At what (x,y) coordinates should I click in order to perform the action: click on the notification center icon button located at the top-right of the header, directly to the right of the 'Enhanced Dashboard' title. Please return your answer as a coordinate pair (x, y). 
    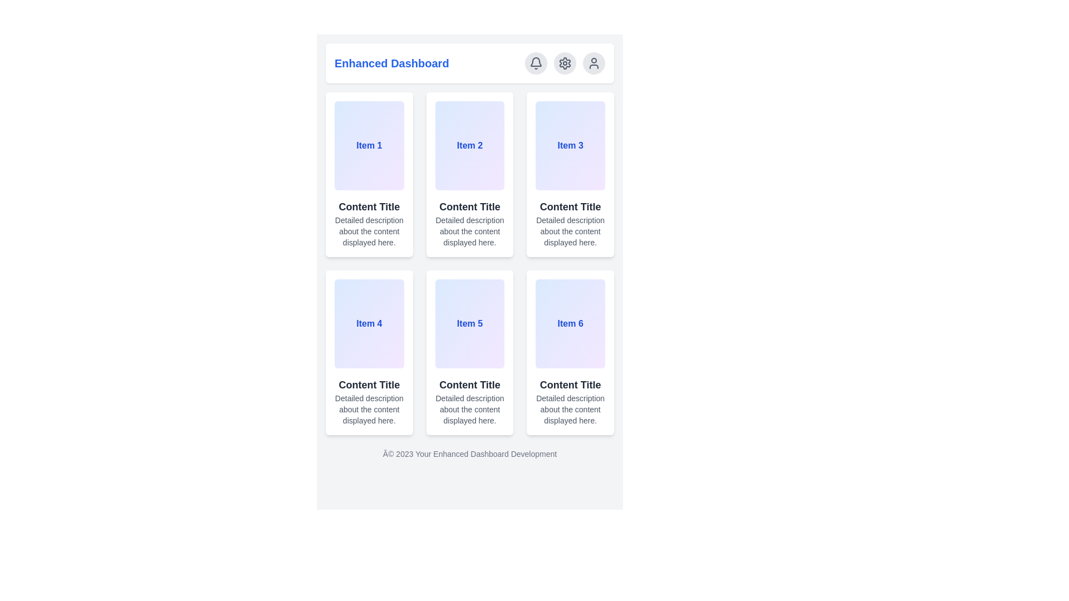
    Looking at the image, I should click on (536, 63).